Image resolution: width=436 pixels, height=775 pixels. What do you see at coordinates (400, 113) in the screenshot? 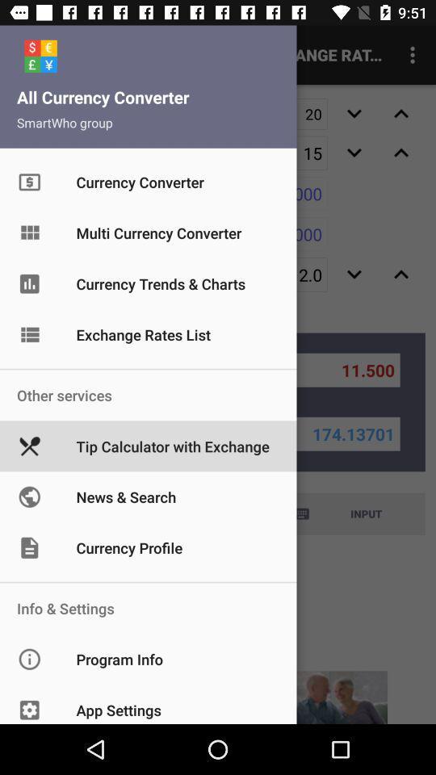
I see `the expand_less icon` at bounding box center [400, 113].